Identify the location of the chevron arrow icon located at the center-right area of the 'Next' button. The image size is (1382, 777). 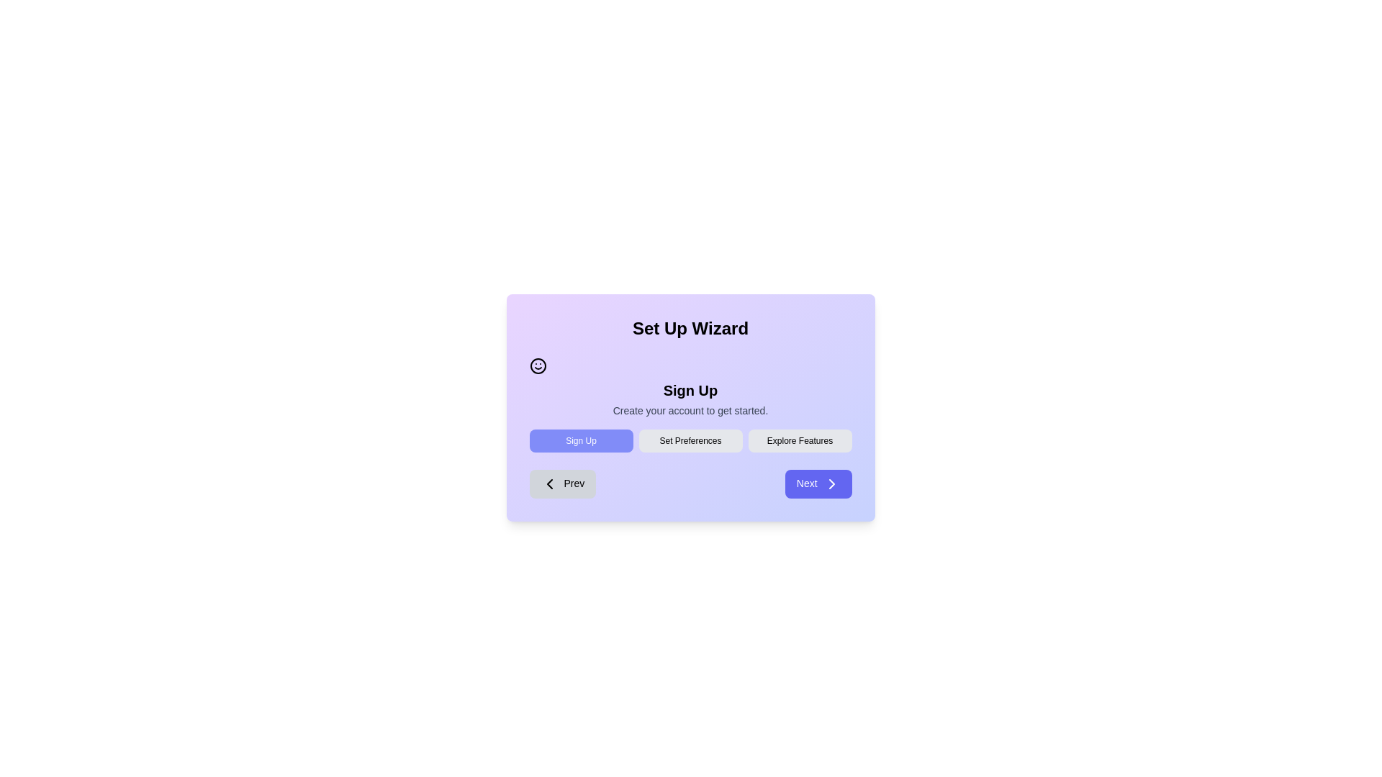
(831, 483).